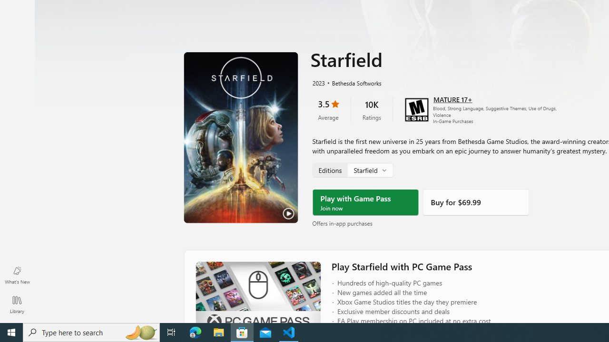  What do you see at coordinates (476, 202) in the screenshot?
I see `'Buy'` at bounding box center [476, 202].